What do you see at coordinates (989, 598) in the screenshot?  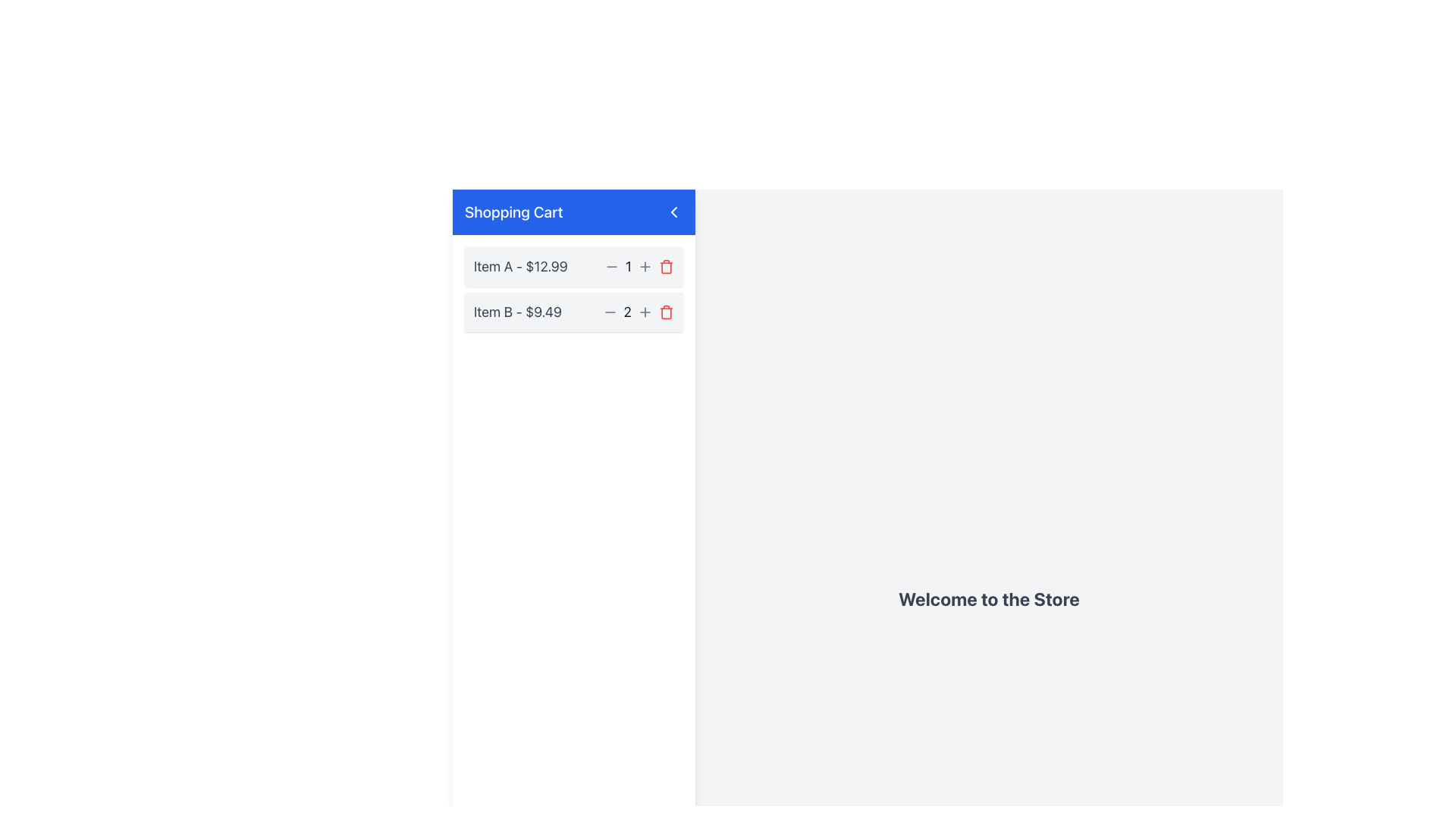 I see `the Text Header element, which serves as a welcoming message for the store interface, located in the center of the right-hand section of the layout` at bounding box center [989, 598].